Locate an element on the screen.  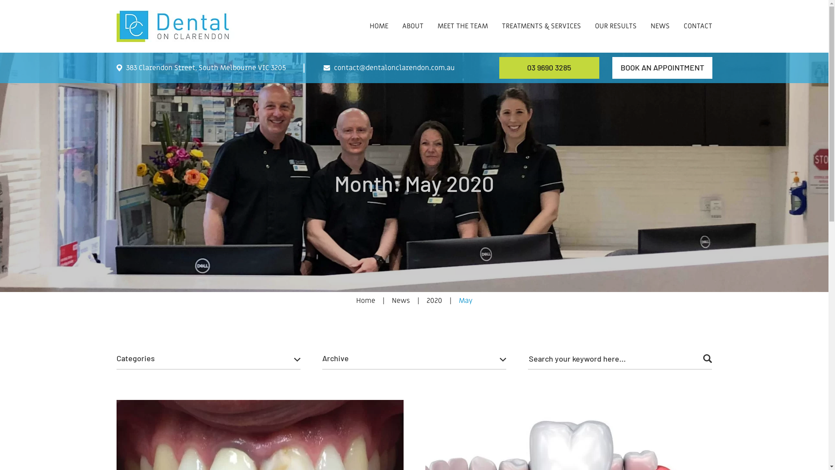
'NEWS' is located at coordinates (660, 17).